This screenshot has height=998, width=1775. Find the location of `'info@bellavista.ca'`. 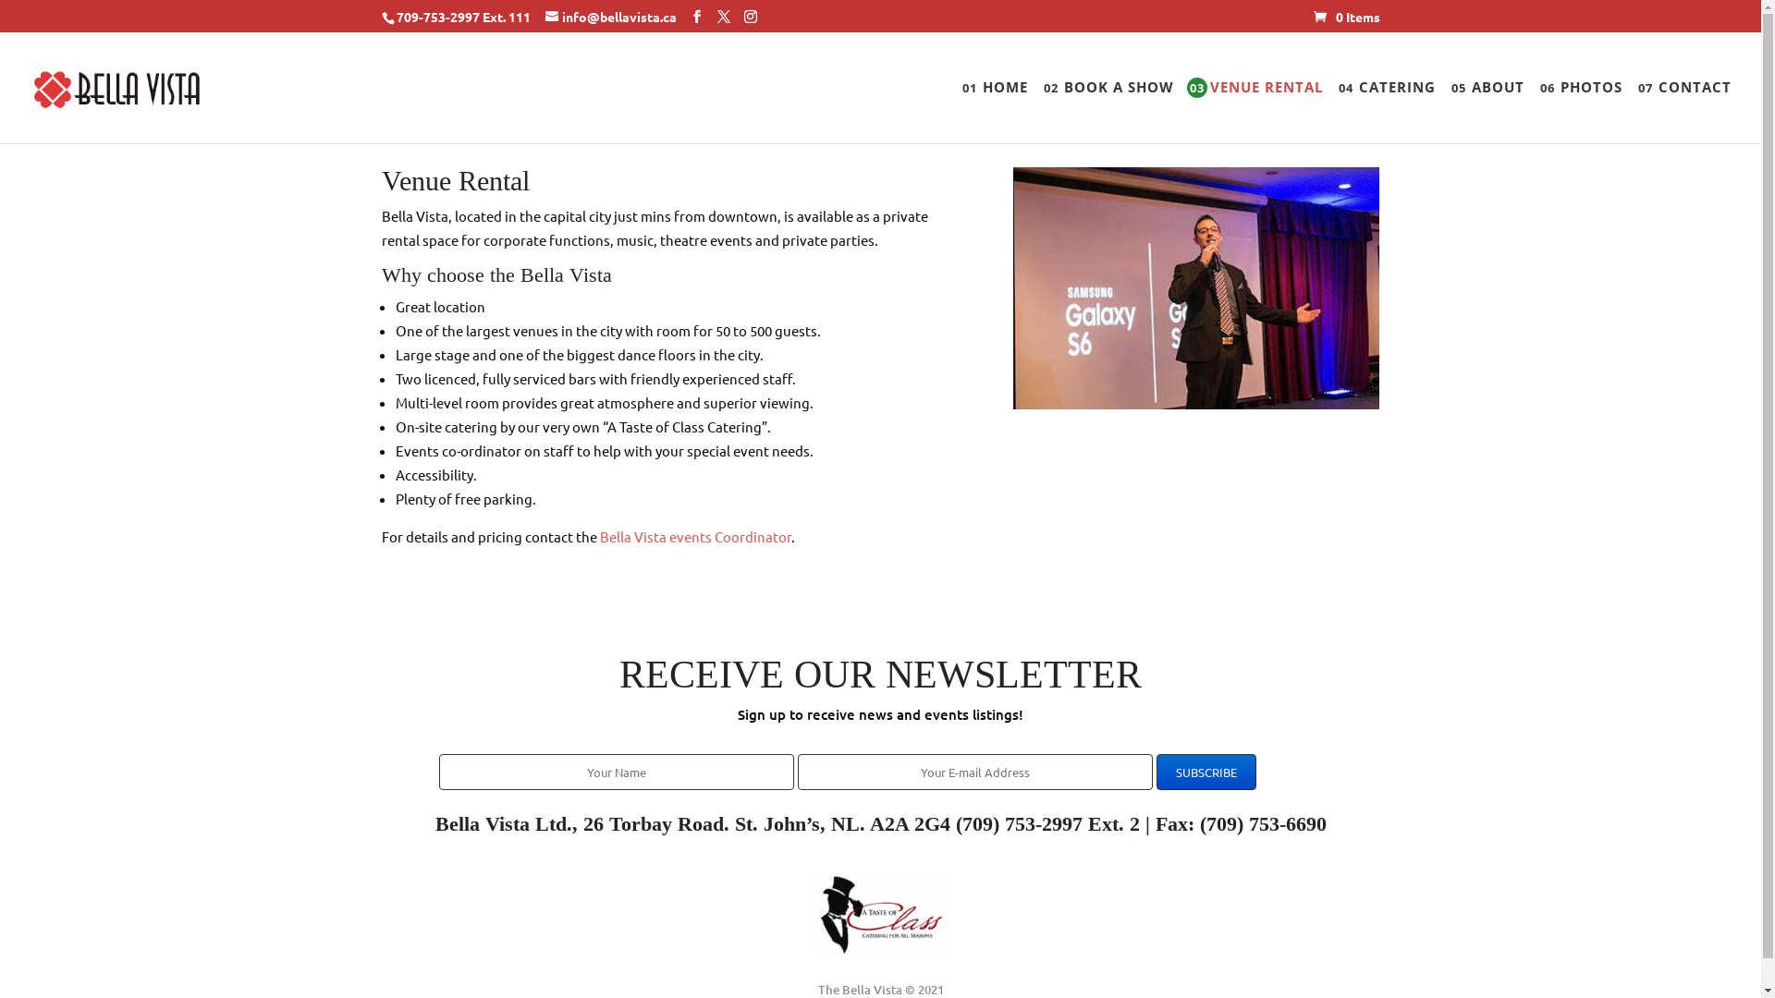

'info@bellavista.ca' is located at coordinates (545, 15).